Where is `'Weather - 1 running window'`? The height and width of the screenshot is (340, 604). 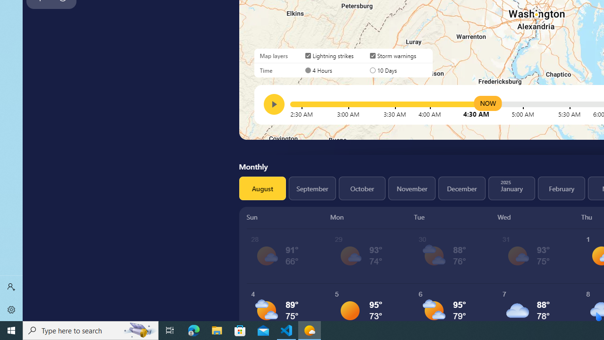
'Weather - 1 running window' is located at coordinates (310, 330).